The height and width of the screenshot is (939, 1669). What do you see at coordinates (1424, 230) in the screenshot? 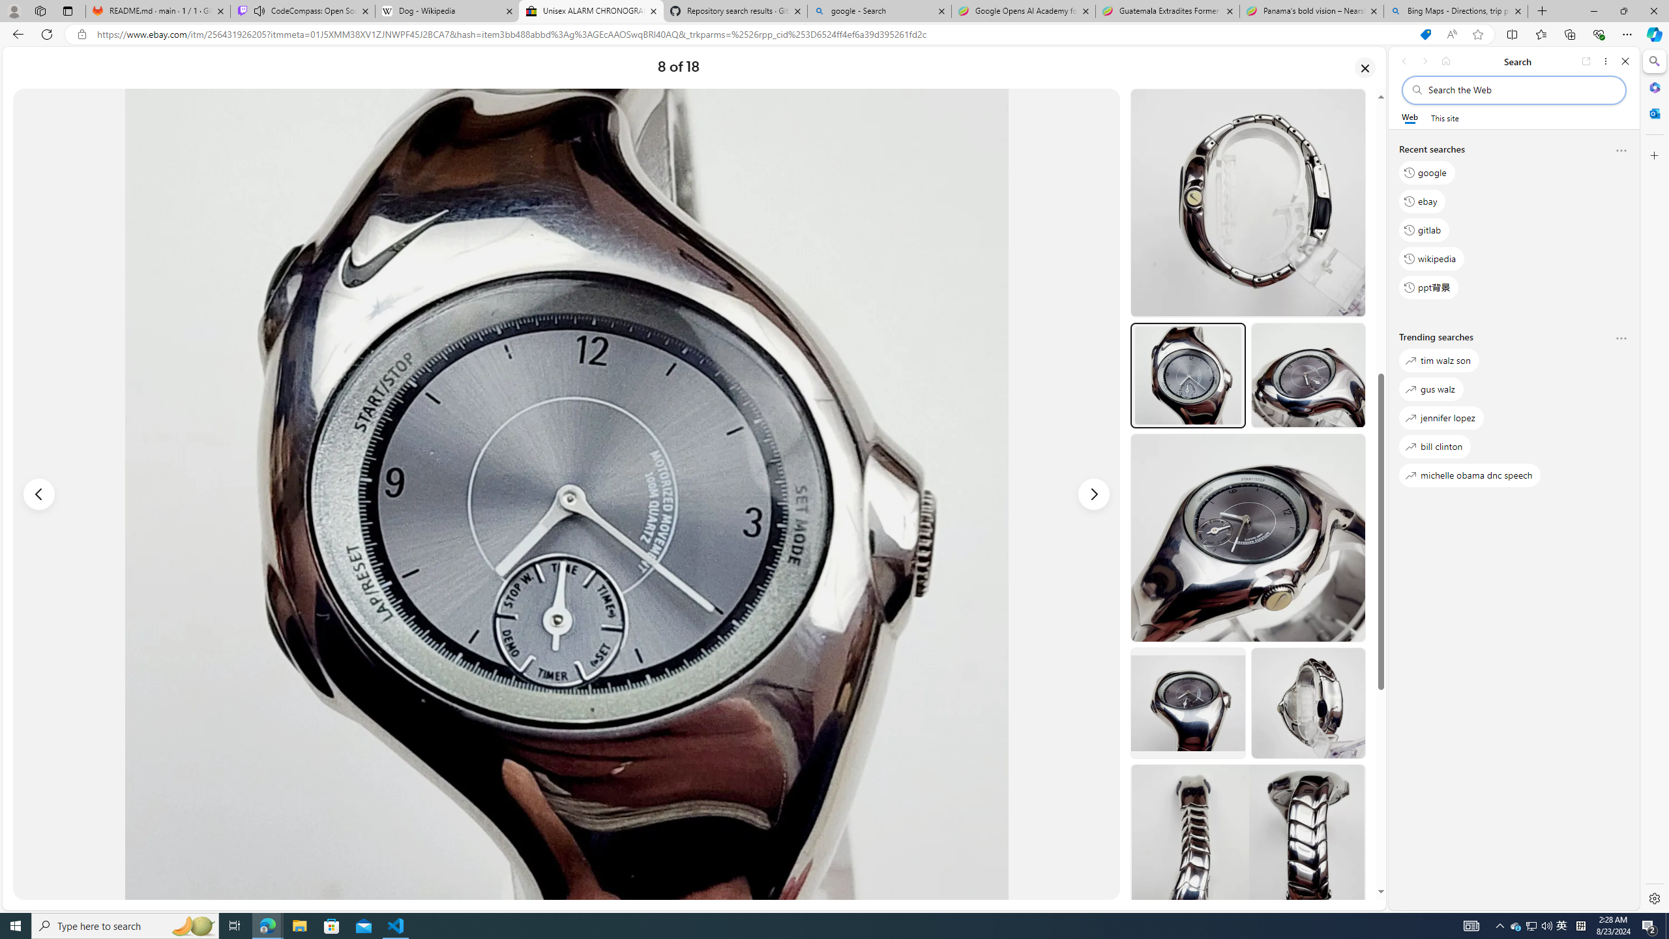
I see `'gitlab'` at bounding box center [1424, 230].